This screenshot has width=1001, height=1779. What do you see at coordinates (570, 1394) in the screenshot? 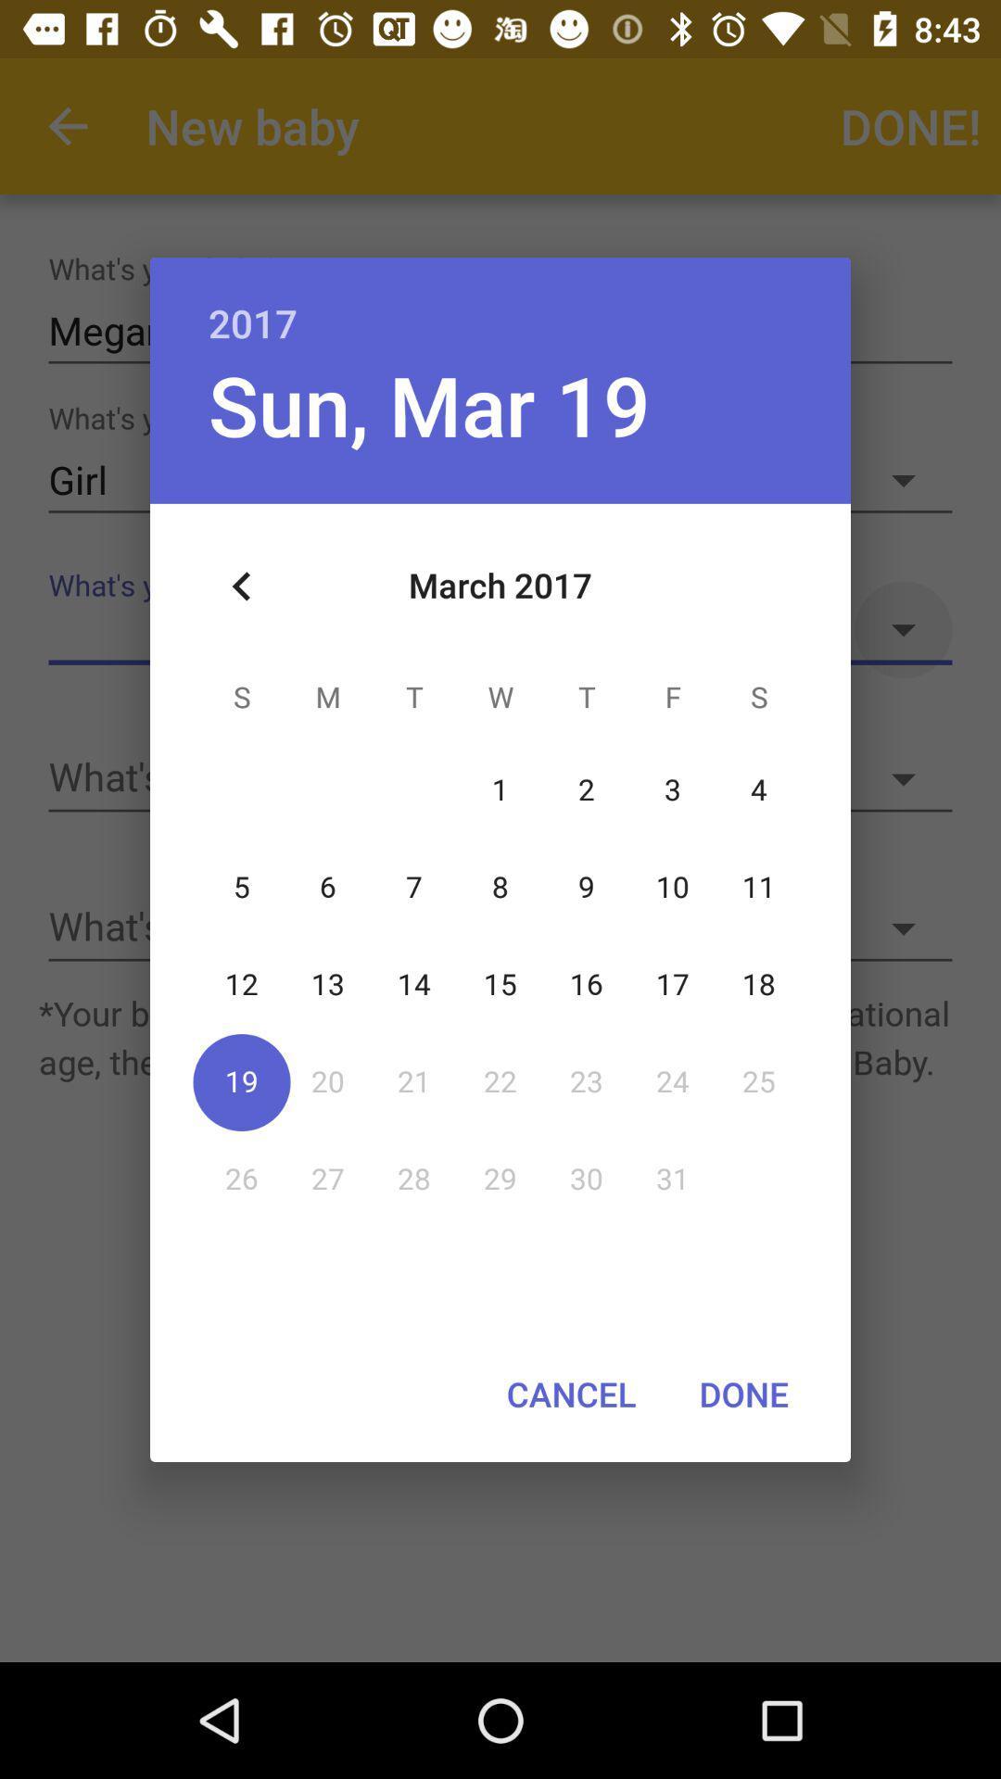
I see `the item next to the done` at bounding box center [570, 1394].